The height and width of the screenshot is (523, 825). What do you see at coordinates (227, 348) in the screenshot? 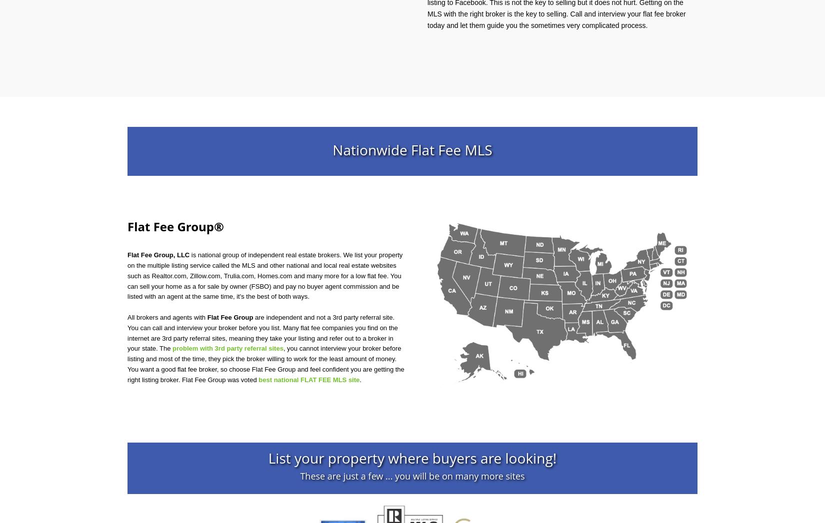
I see `'problem with 3rd party referral sites'` at bounding box center [227, 348].